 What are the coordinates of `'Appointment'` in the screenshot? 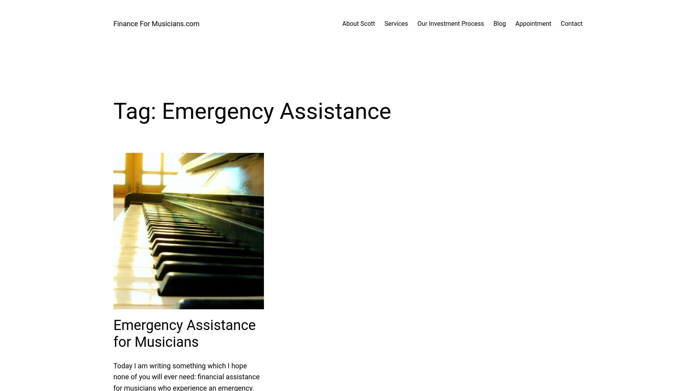 It's located at (533, 23).